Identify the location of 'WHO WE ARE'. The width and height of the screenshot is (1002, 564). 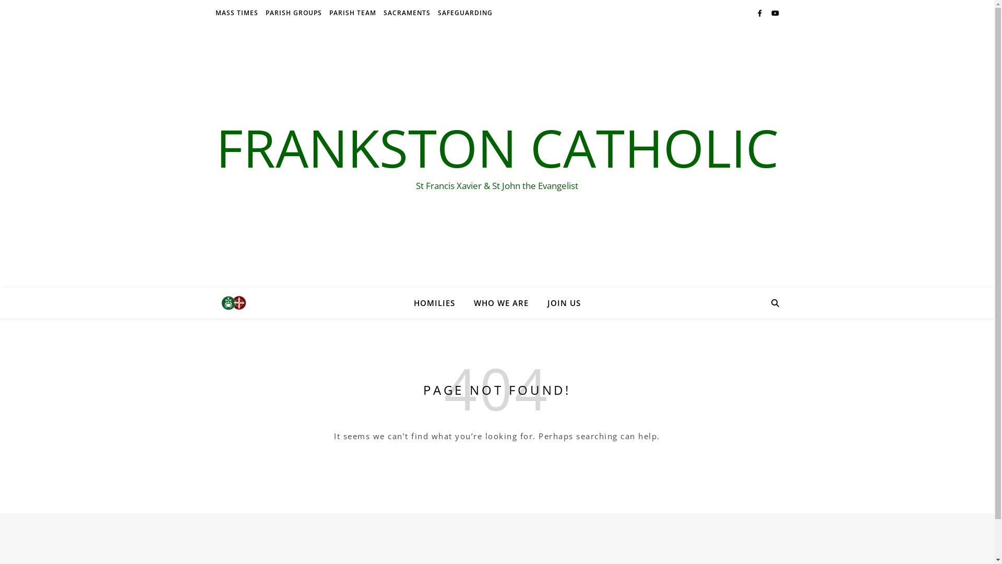
(501, 302).